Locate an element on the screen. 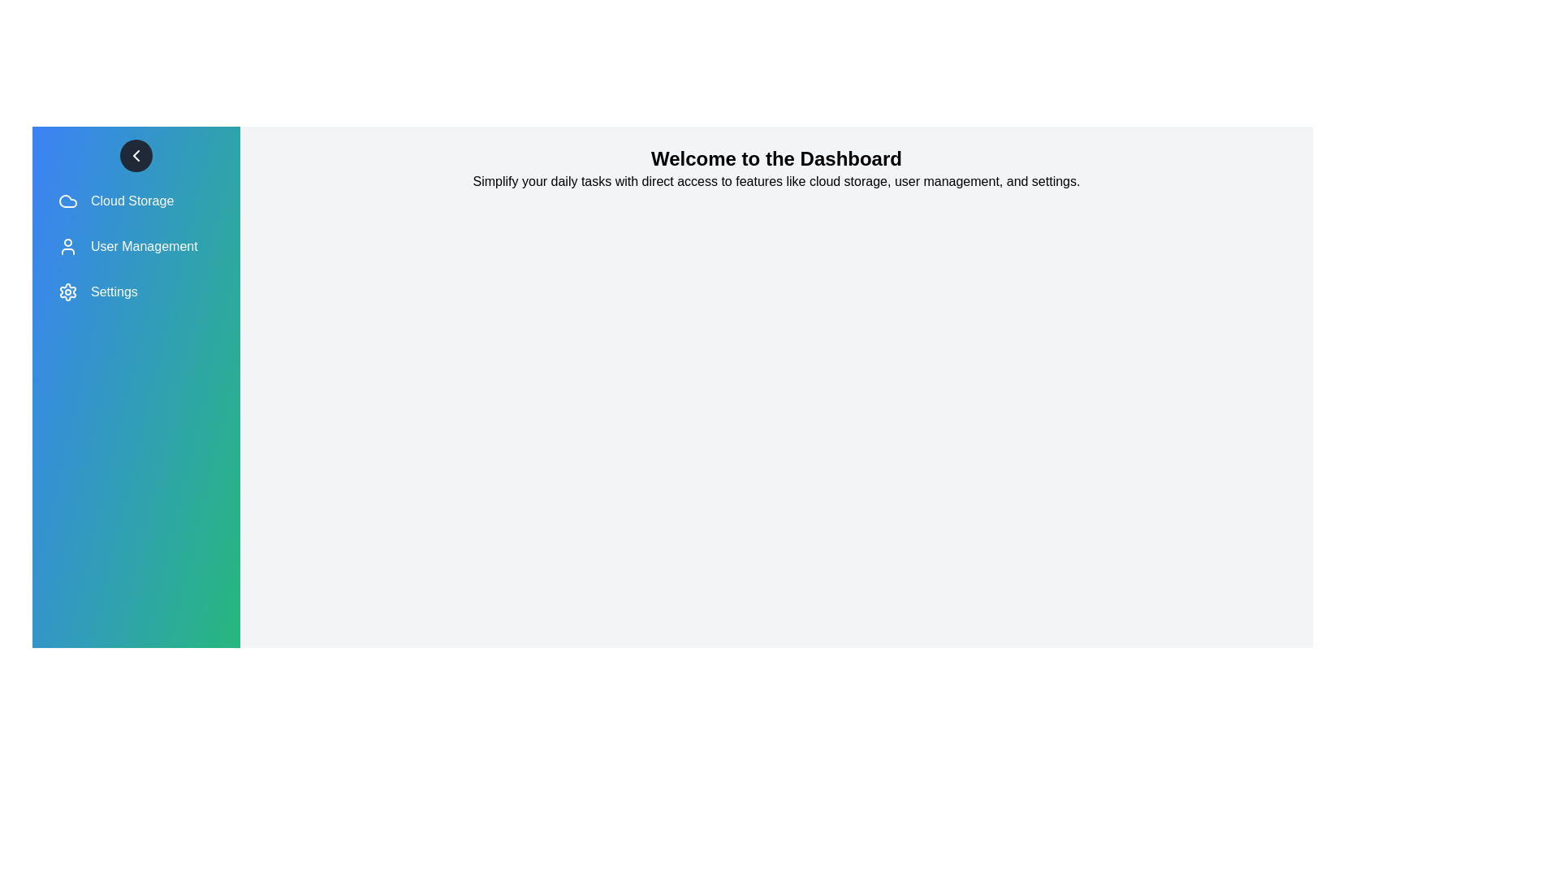  the menu item labeled 'User Management' to observe the hover effect is located at coordinates (136, 247).